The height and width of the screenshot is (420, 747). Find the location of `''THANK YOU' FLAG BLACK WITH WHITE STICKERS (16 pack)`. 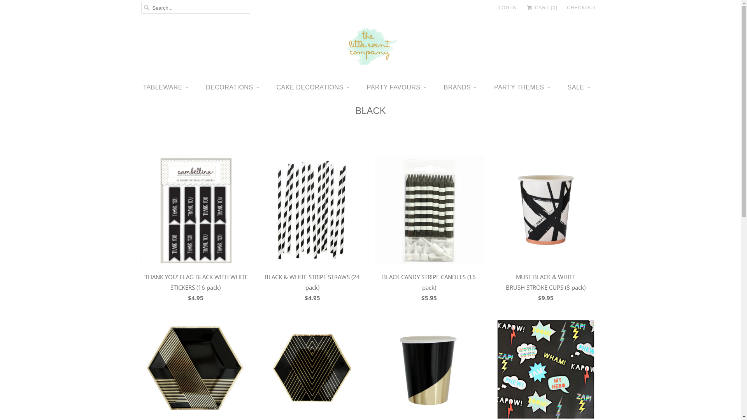

''THANK YOU' FLAG BLACK WITH WHITE STICKERS (16 pack) is located at coordinates (195, 231).